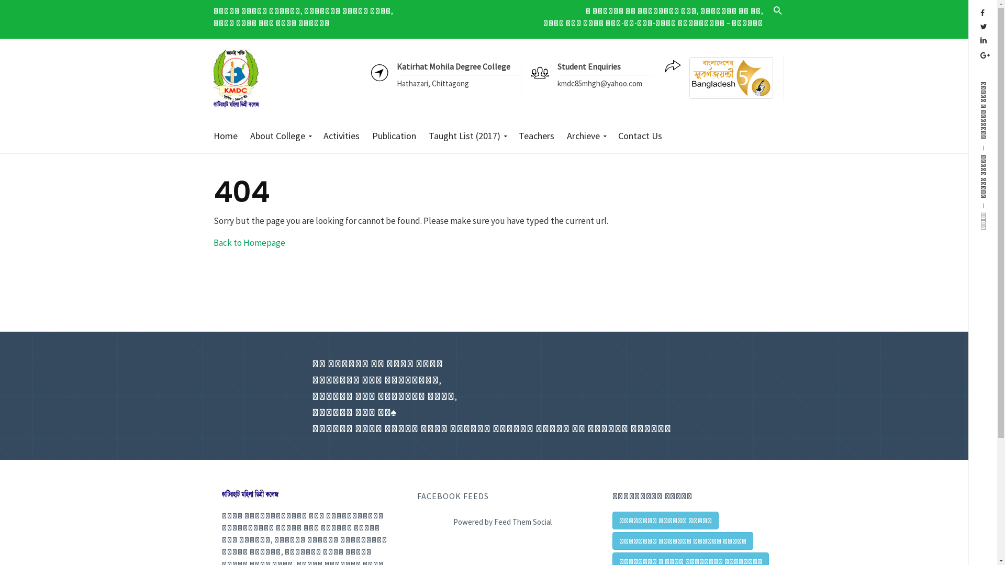 This screenshot has height=565, width=1005. I want to click on 'Publication', so click(394, 135).